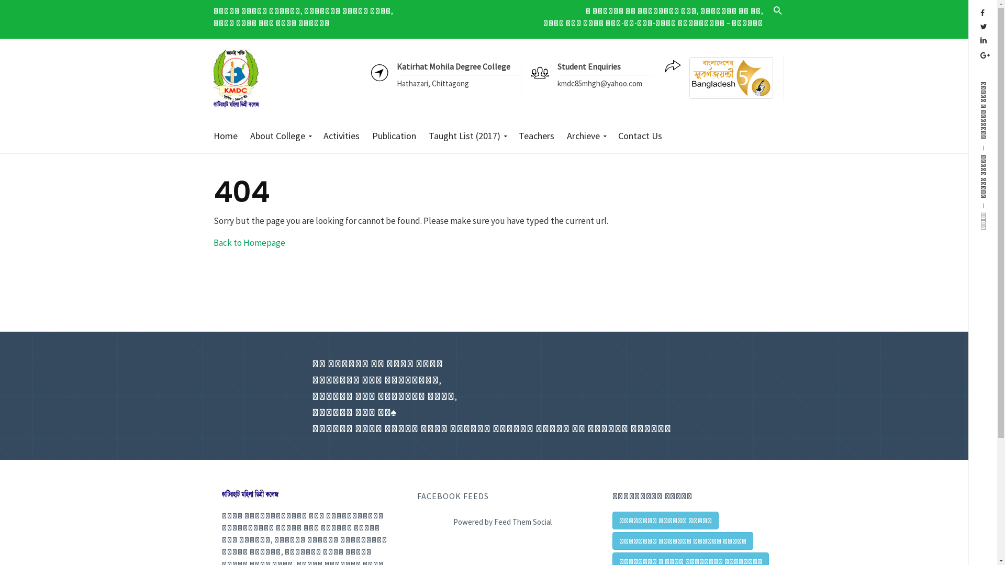 This screenshot has height=565, width=1005. I want to click on 'Publication', so click(394, 135).